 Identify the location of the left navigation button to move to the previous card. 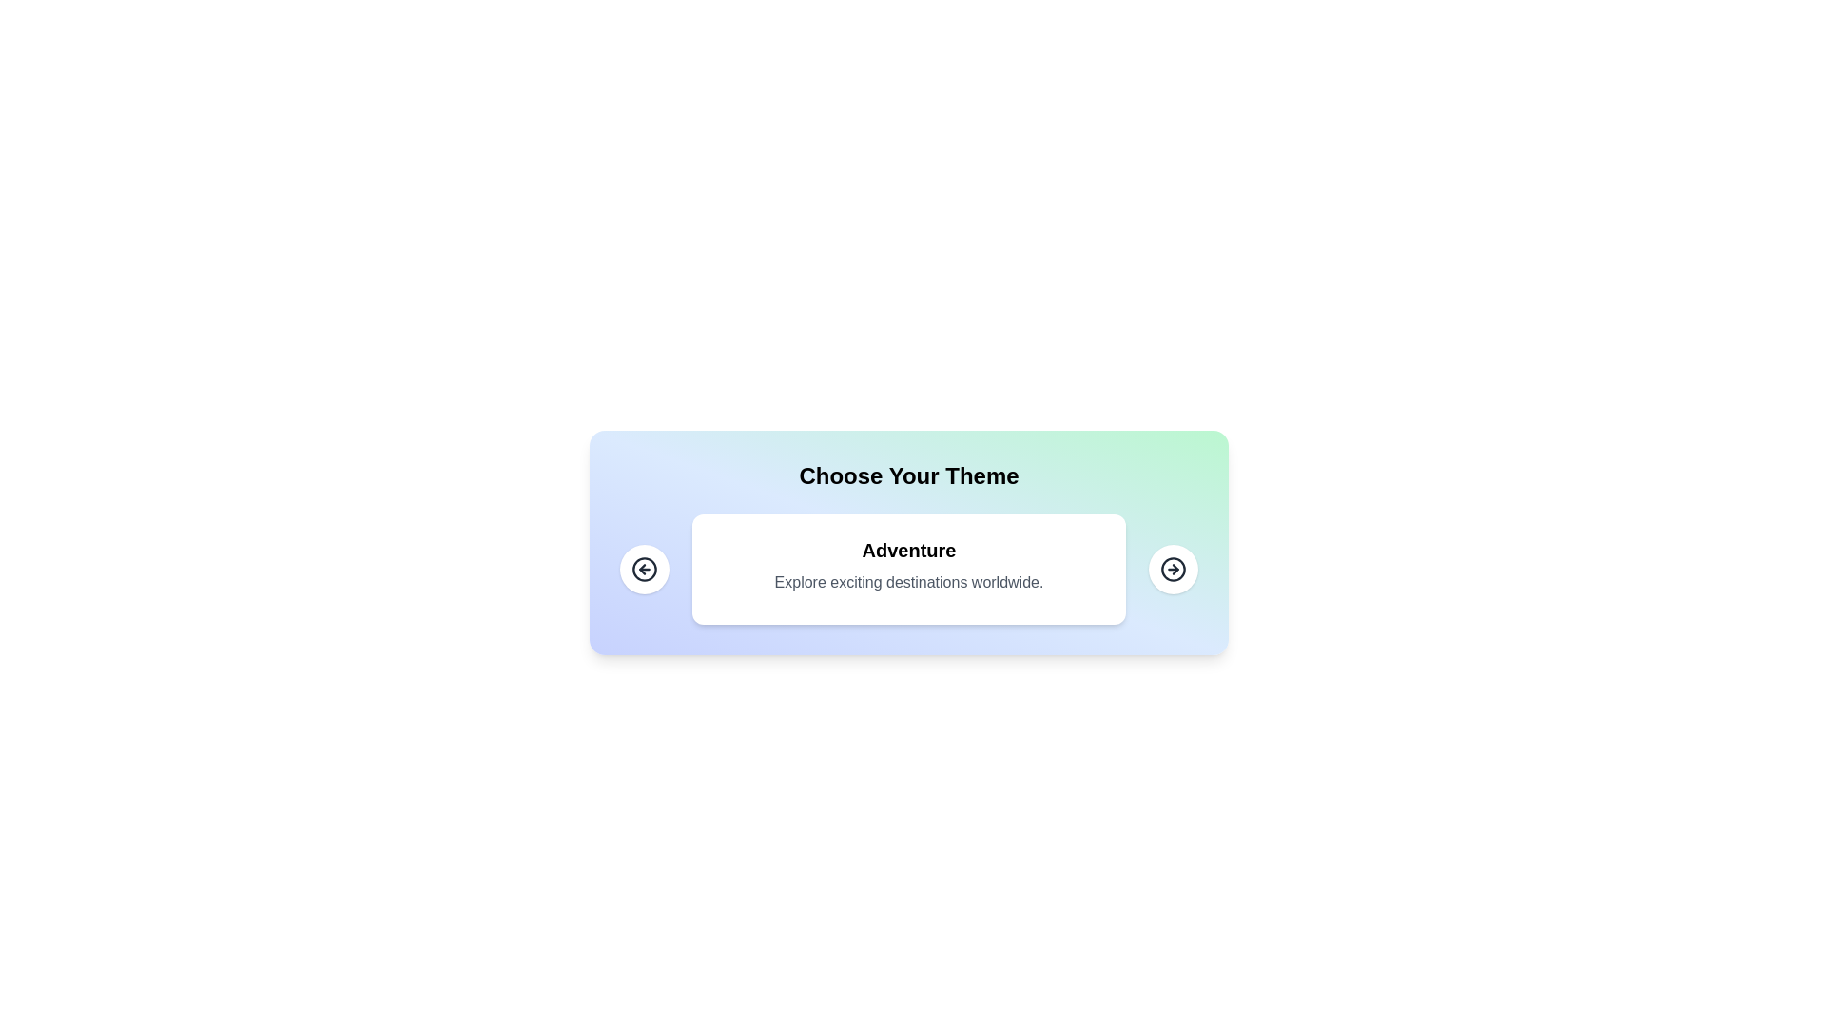
(644, 568).